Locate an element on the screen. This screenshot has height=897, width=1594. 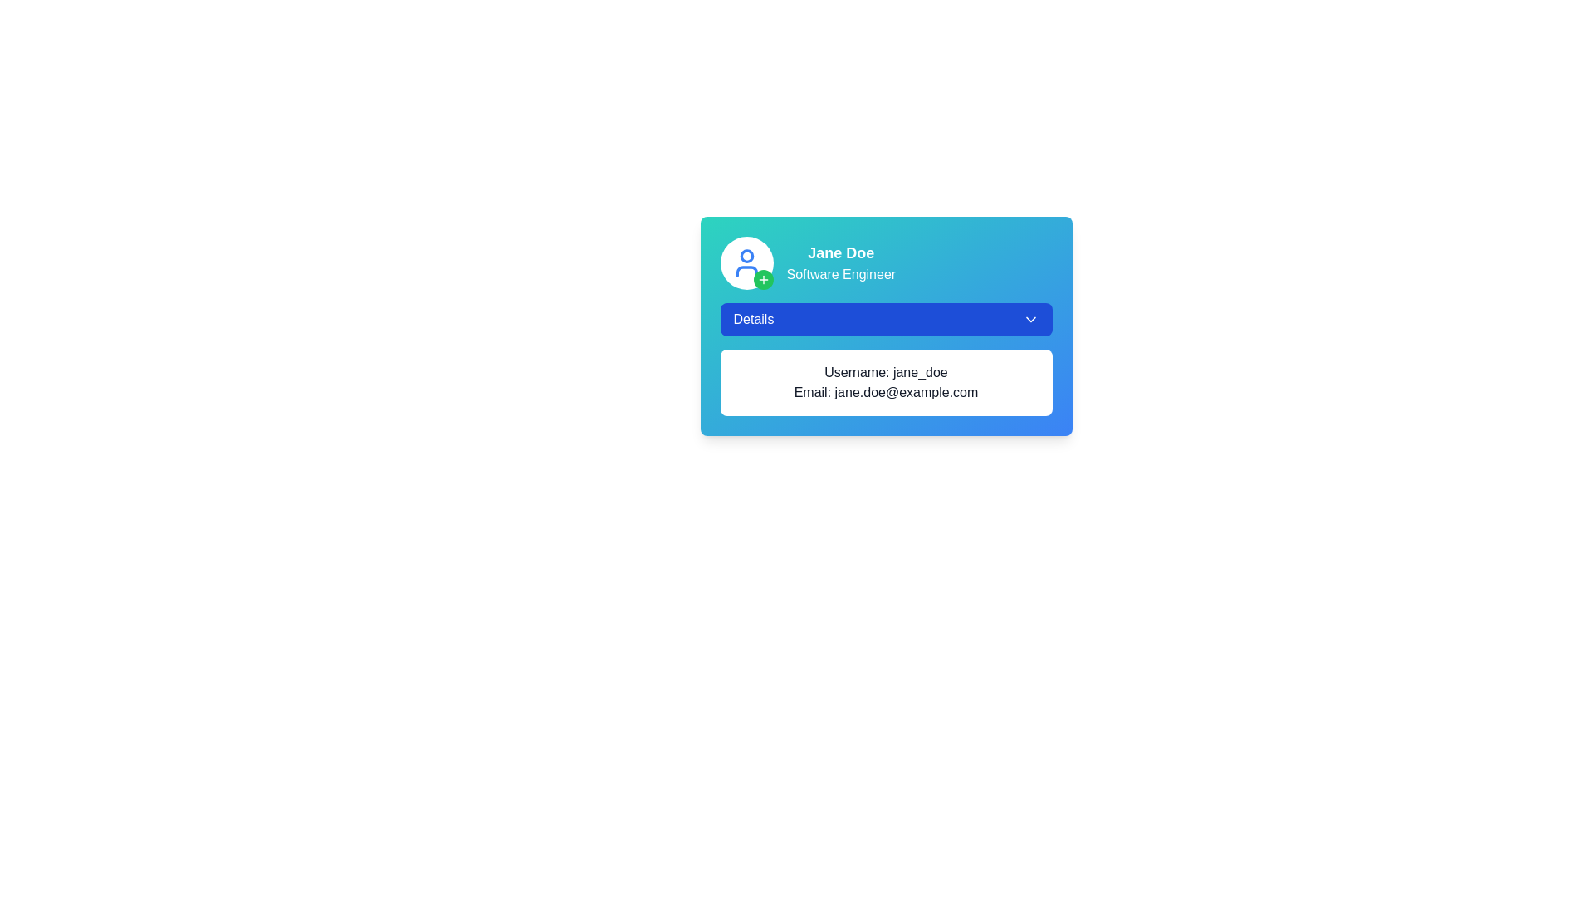
the static text label displaying 'Software Engineer', which is aligned to the left below the name 'Jane Doe' in a card-like section of a blue gradient interface is located at coordinates (841, 274).